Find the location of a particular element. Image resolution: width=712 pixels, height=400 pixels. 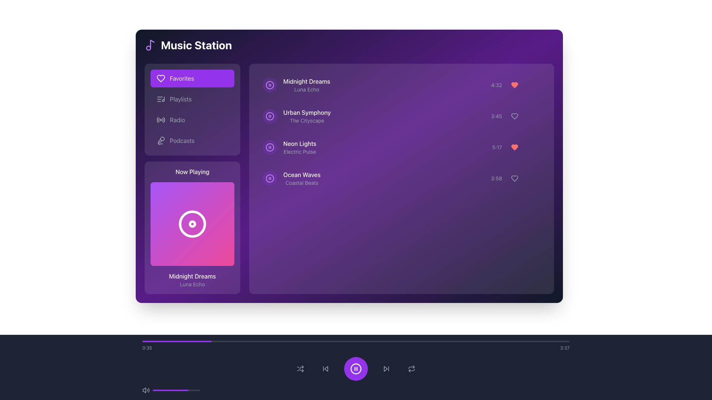

the circular purple button with a pause icon is located at coordinates (270, 116).